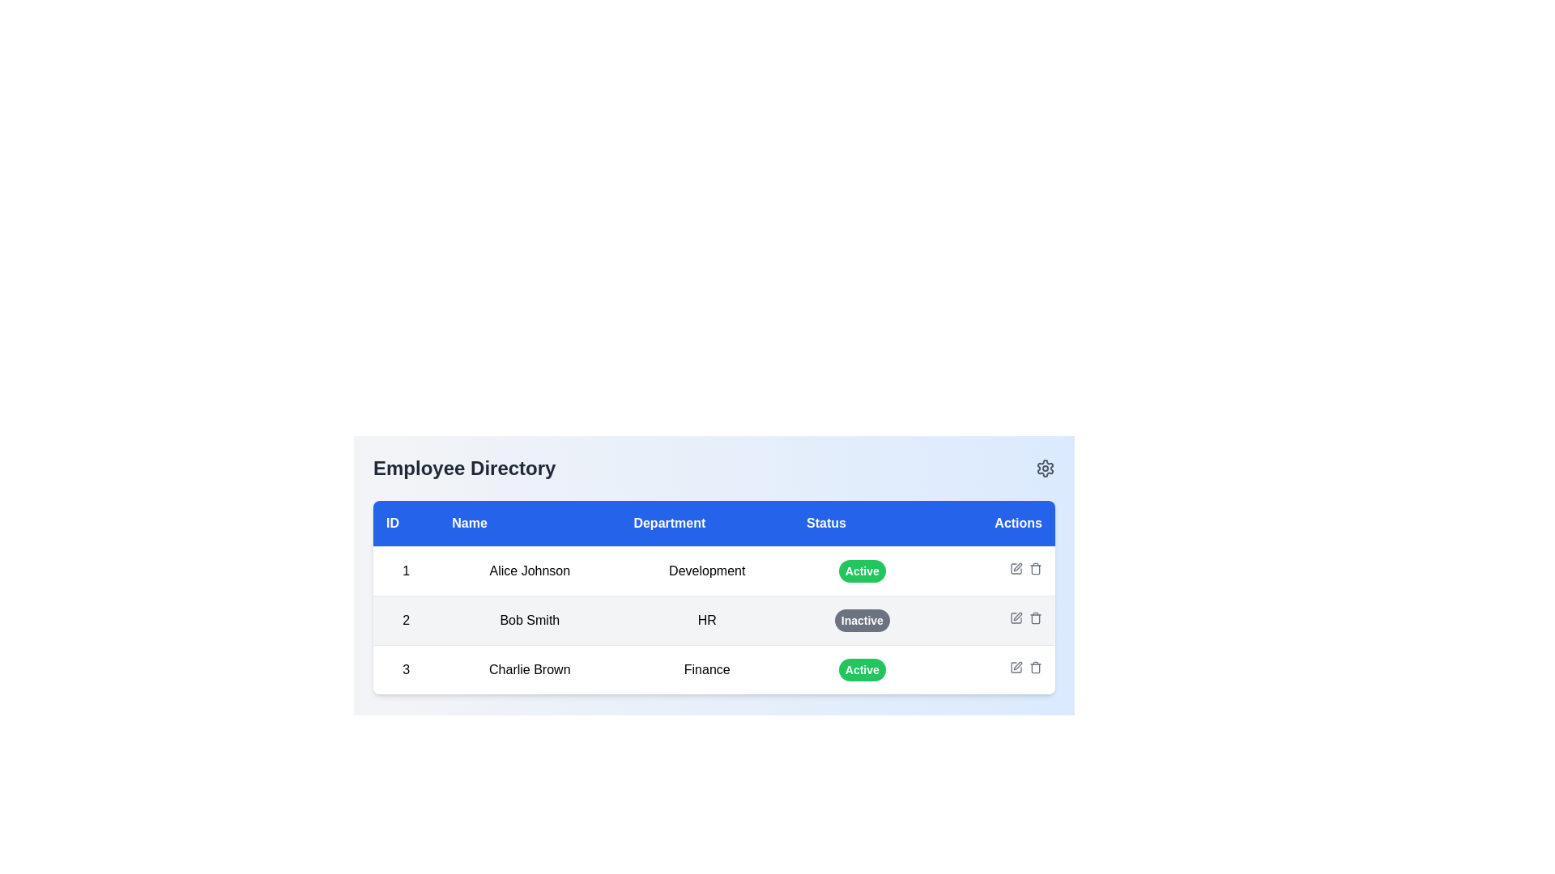 This screenshot has width=1555, height=874. Describe the element at coordinates (992, 524) in the screenshot. I see `the 'Actions' table header, which is the fifth element in the header row, aligned to the right with bold white text on a blue background` at that location.